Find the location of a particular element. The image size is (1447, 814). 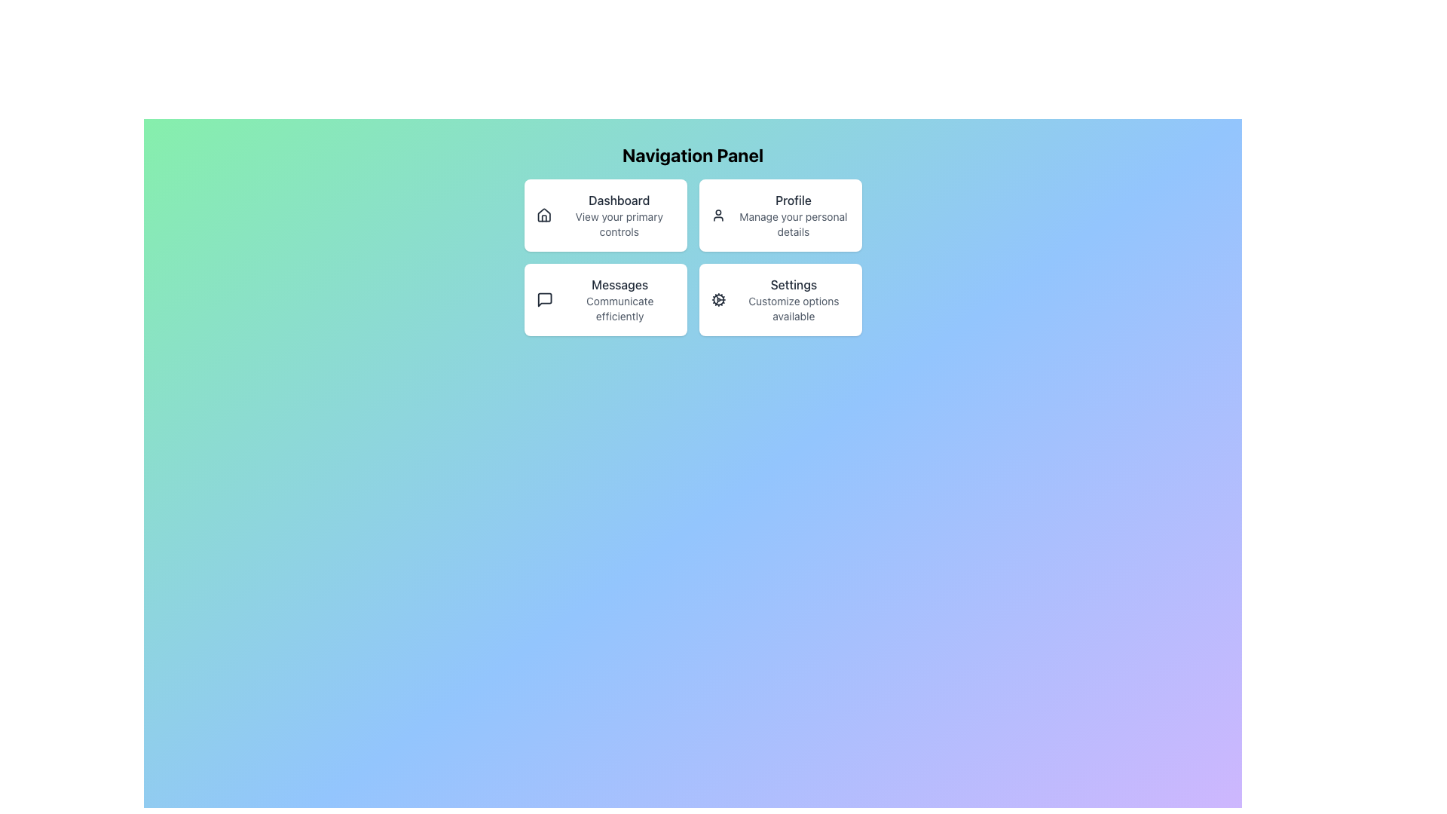

the 'Profile' text label that describes the content or purpose of the 'Profile' section, located directly below the 'Profile' title in the top-right card of a grid of four cards is located at coordinates (792, 224).